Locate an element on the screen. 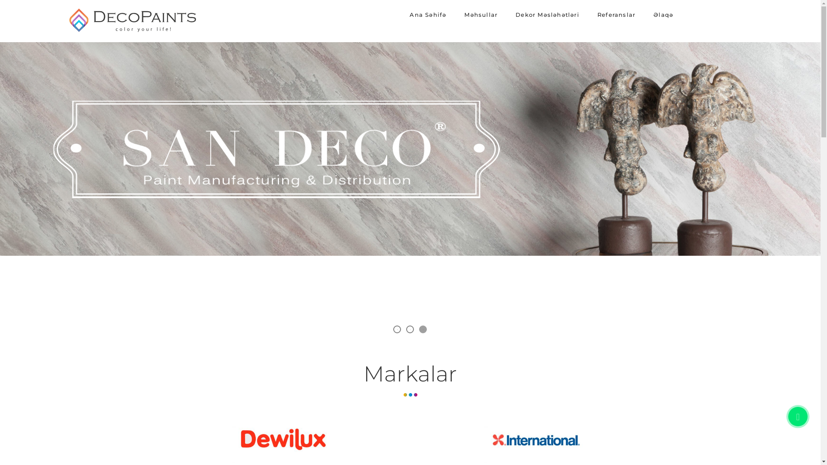  'Dewilux' is located at coordinates (284, 441).